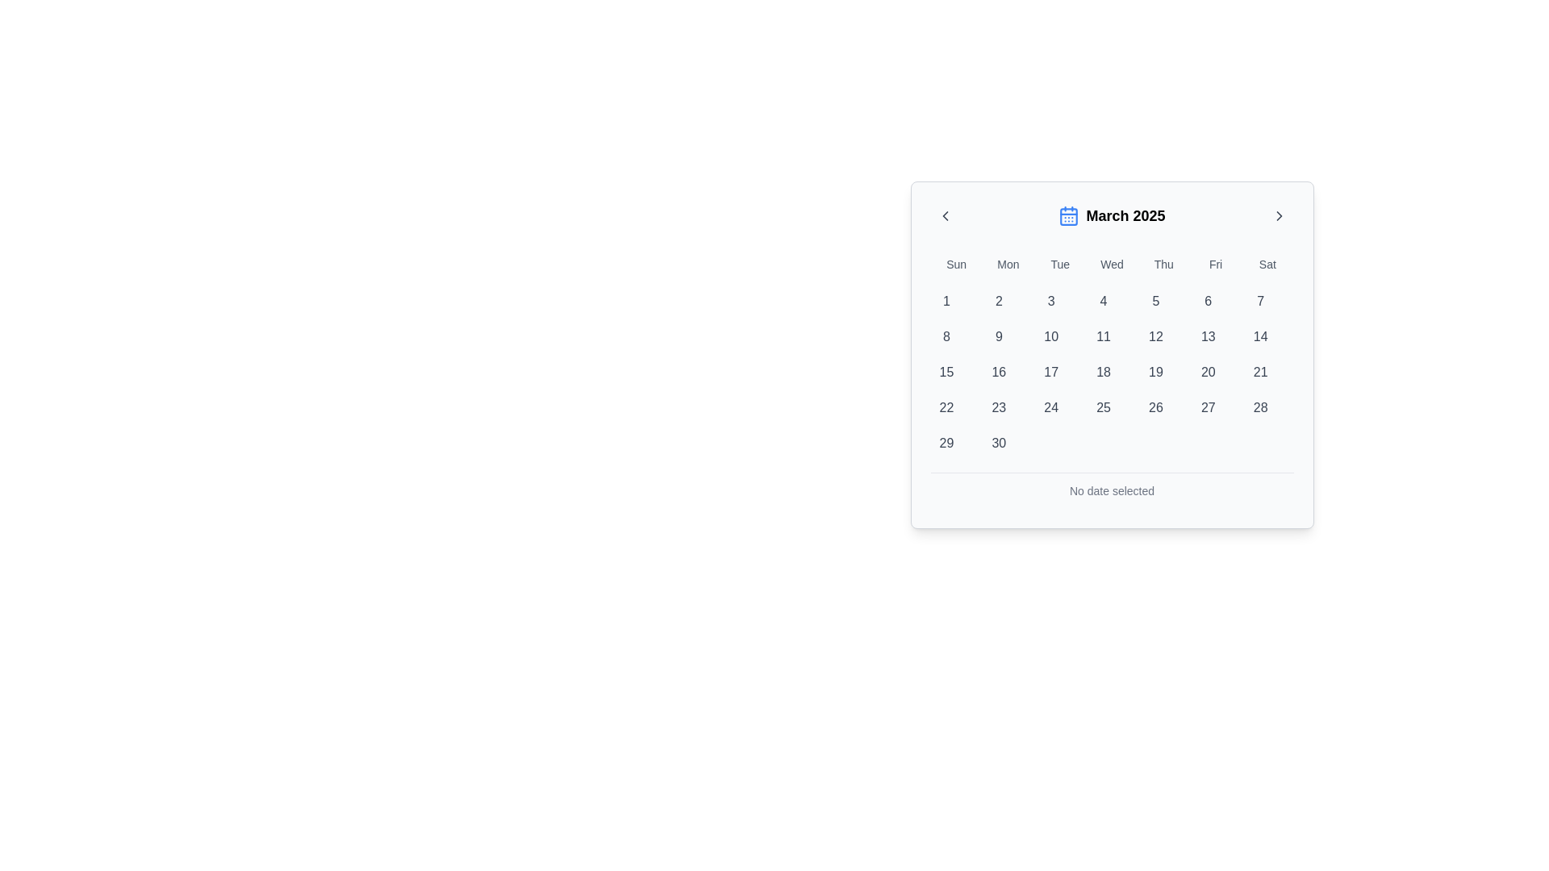  What do you see at coordinates (1154, 335) in the screenshot?
I see `the day selection button representing the date '12' in the calendar interface, located in the second row, sixth column` at bounding box center [1154, 335].